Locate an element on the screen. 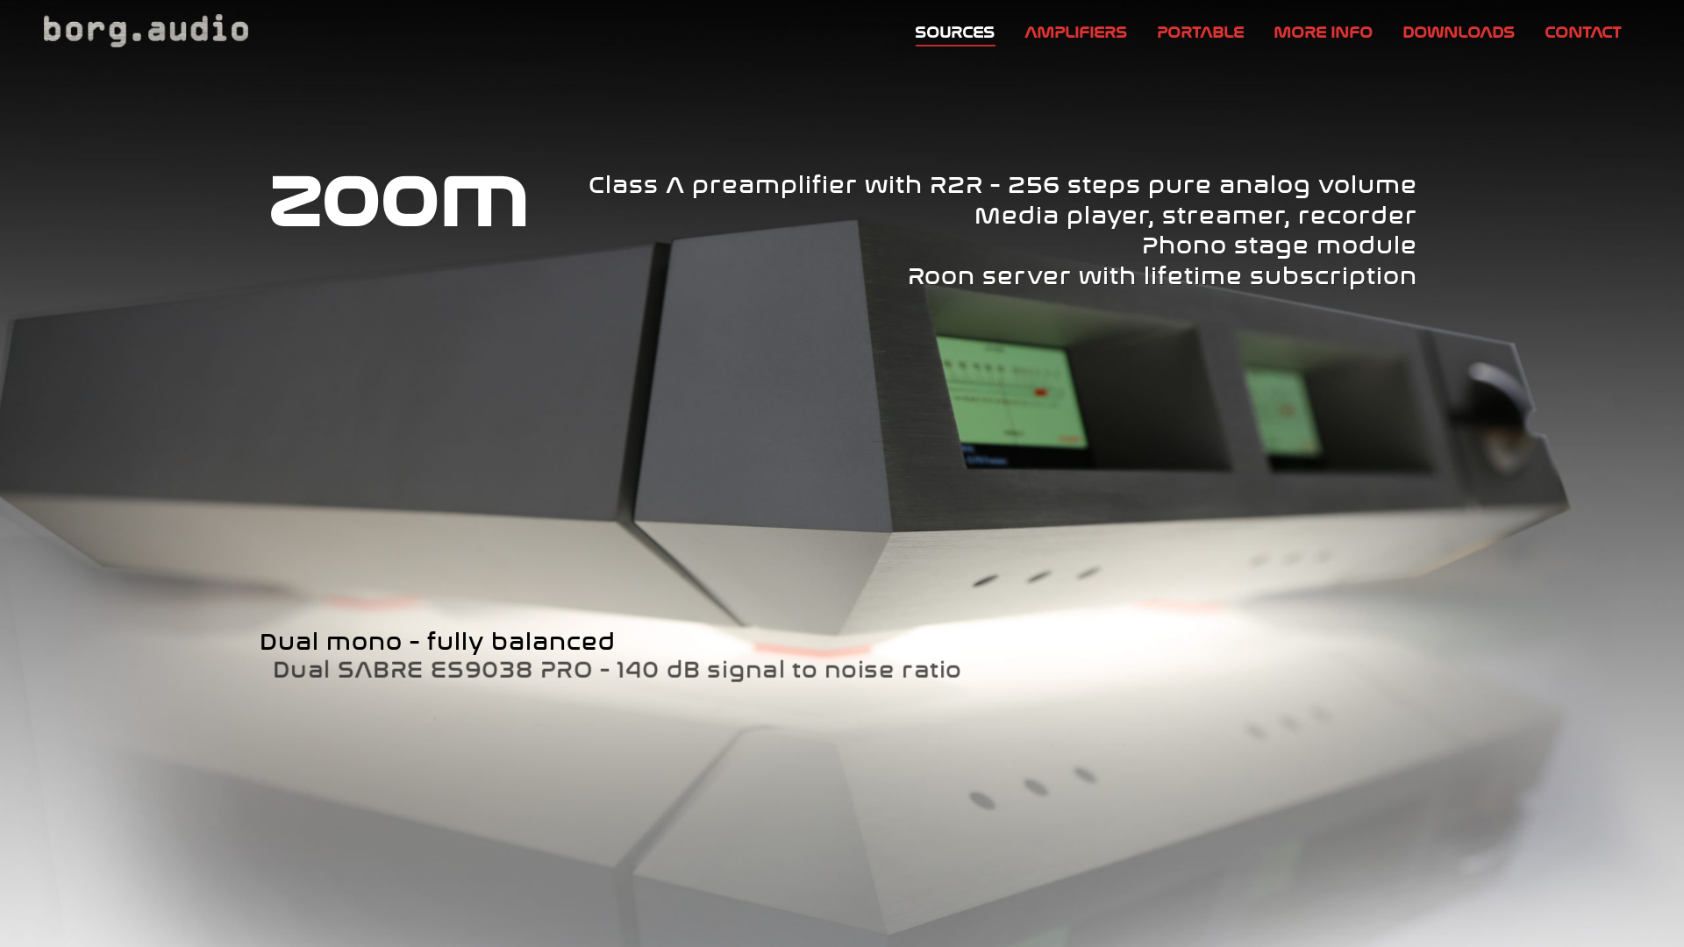 The image size is (1684, 947). 'PORTABLE' is located at coordinates (1199, 30).